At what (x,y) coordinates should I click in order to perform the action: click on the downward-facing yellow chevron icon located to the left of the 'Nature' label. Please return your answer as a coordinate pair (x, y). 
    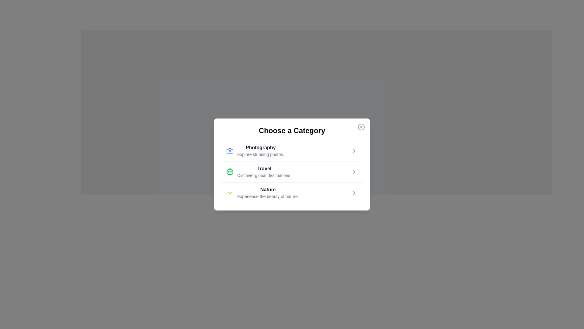
    Looking at the image, I should click on (229, 193).